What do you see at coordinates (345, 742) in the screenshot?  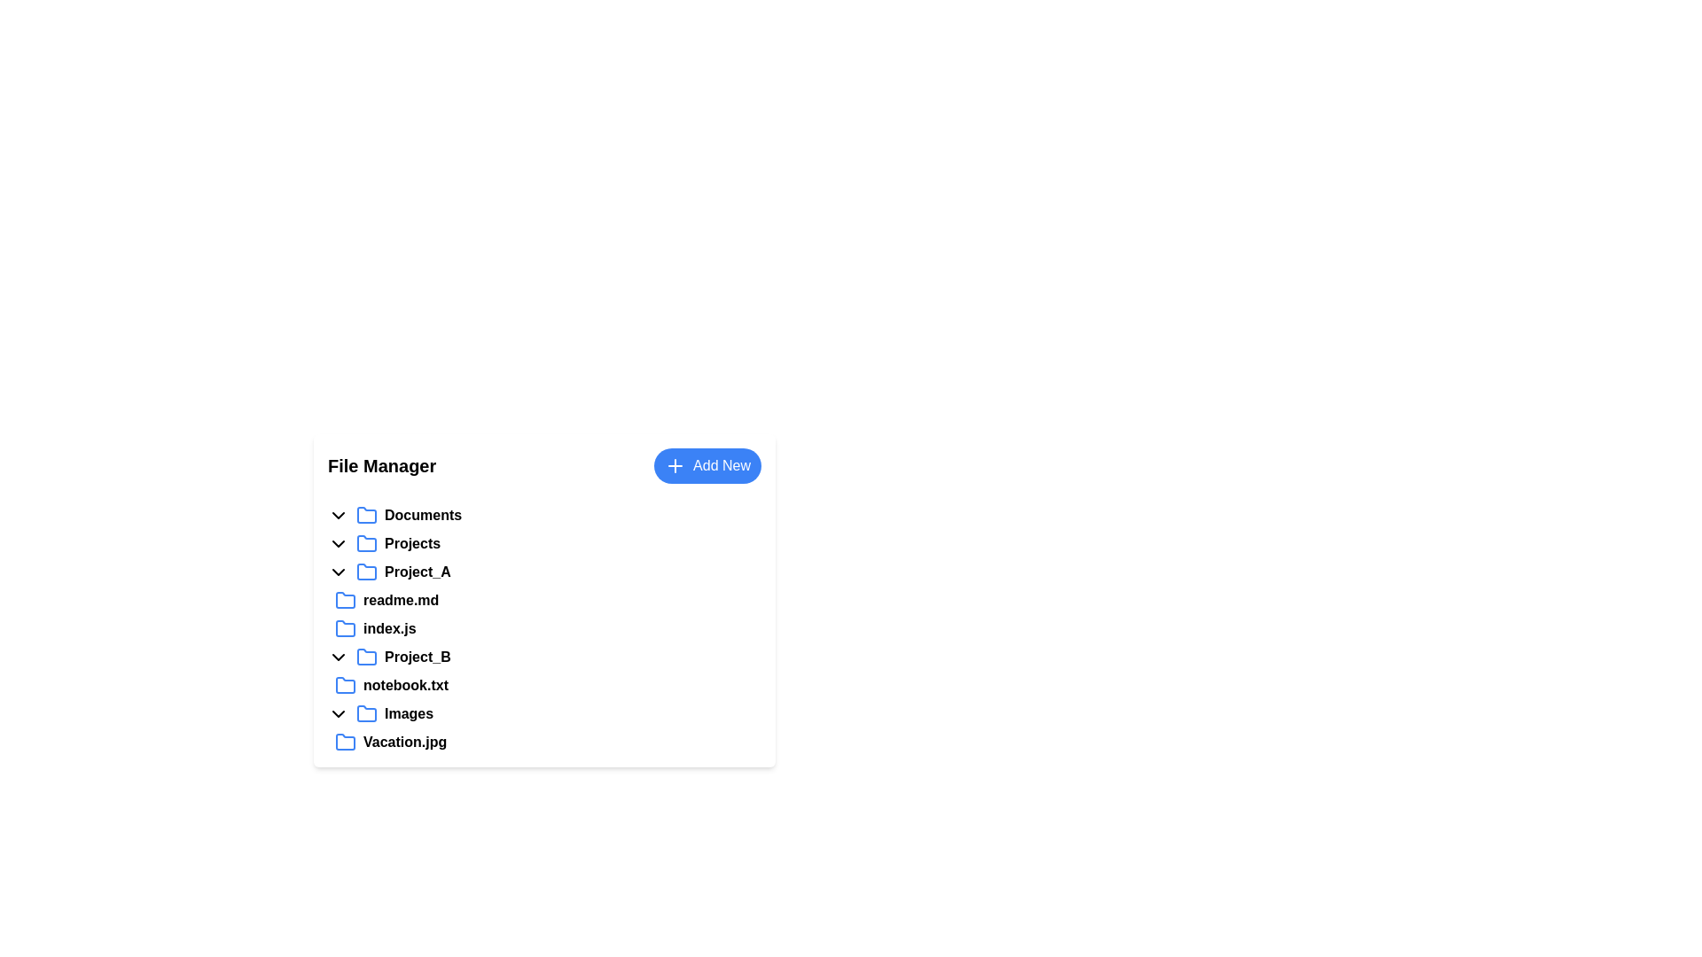 I see `the folder icon representing the 'Images' folder` at bounding box center [345, 742].